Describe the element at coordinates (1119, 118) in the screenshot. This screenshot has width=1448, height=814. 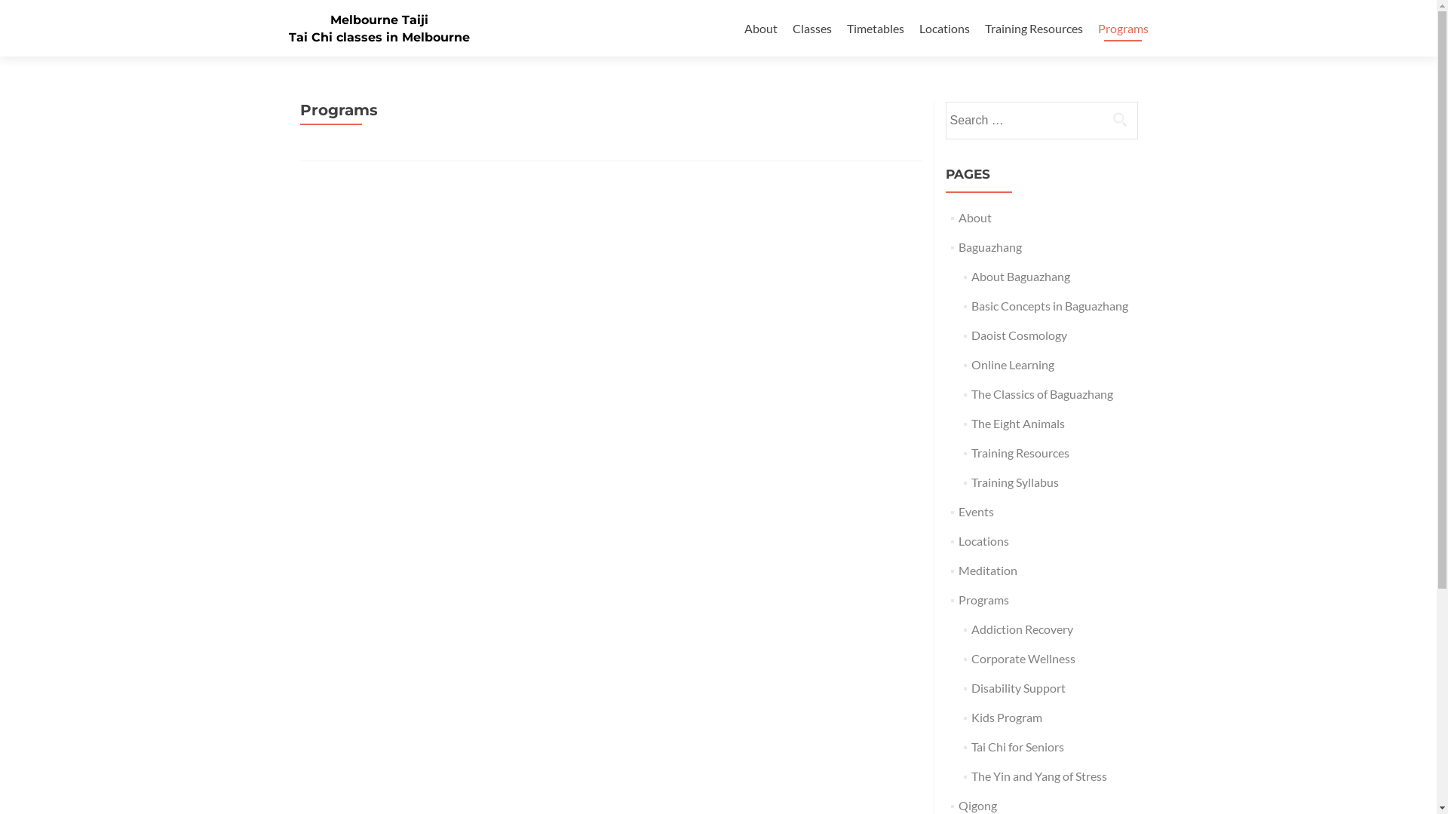
I see `'Search'` at that location.